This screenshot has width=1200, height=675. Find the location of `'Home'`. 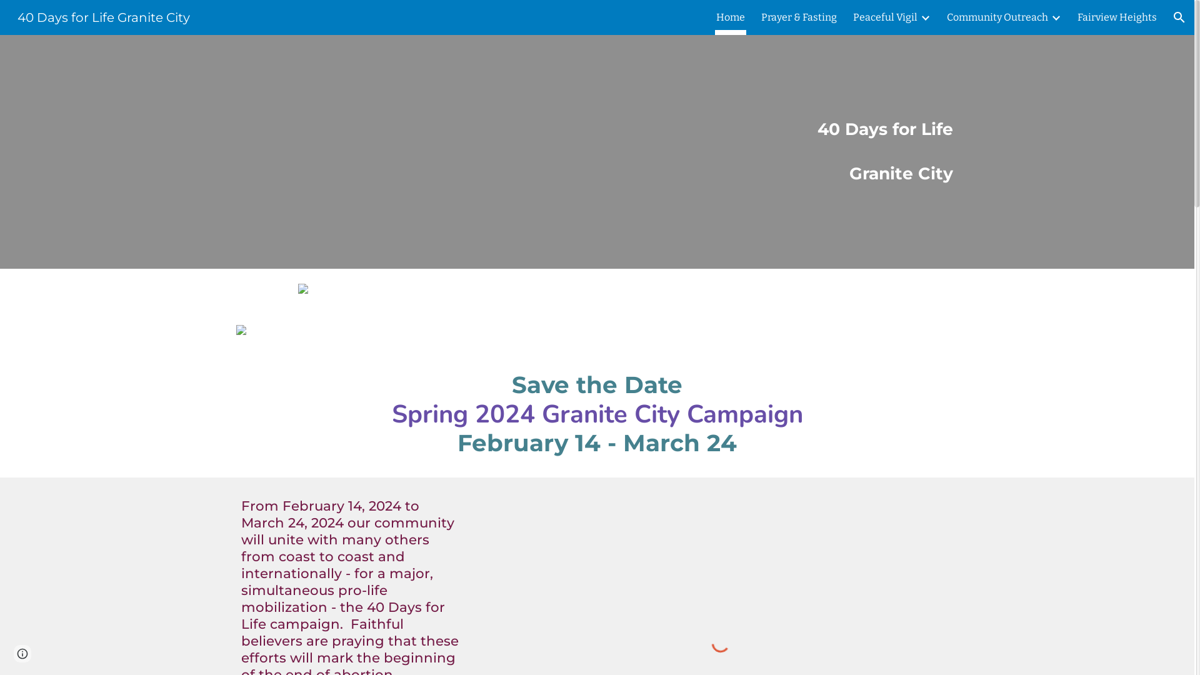

'Home' is located at coordinates (731, 17).